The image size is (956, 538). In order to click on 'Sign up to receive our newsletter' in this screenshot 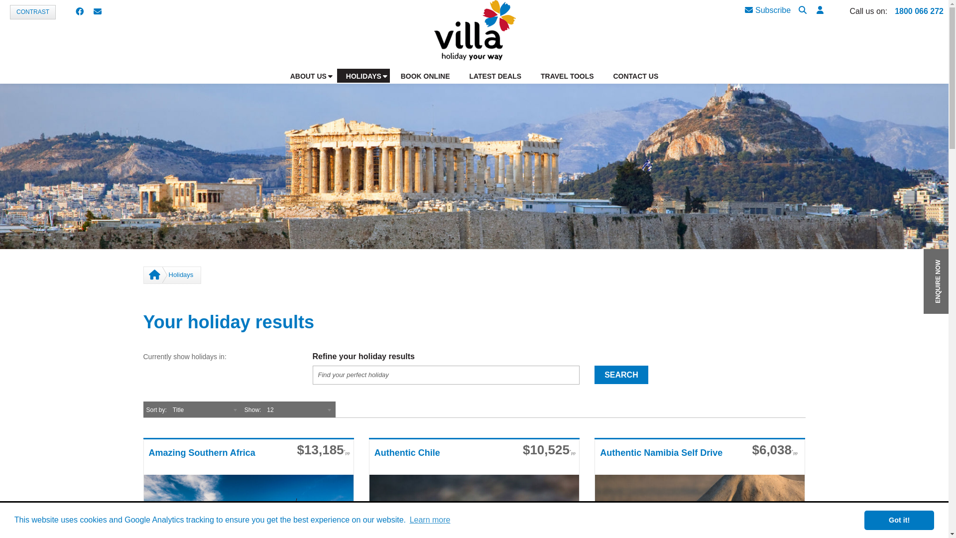, I will do `click(98, 12)`.